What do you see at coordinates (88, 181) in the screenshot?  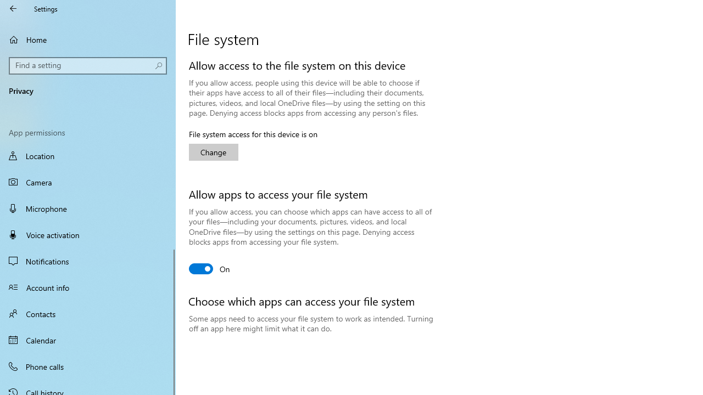 I see `'Camera'` at bounding box center [88, 181].